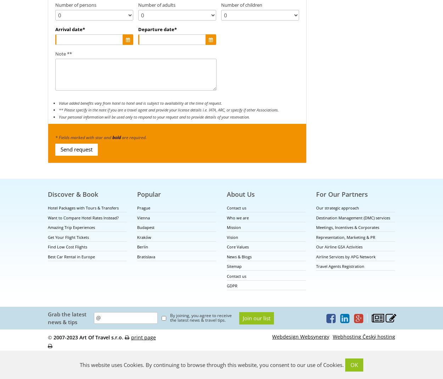 This screenshot has height=379, width=443. What do you see at coordinates (140, 103) in the screenshot?
I see `'Value added benefits vary from hotel to hotel and is subject to availability at the time of request.'` at bounding box center [140, 103].